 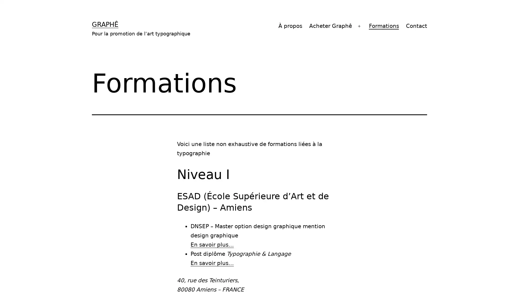 What do you see at coordinates (359, 26) in the screenshot?
I see `Ouvrir le menu` at bounding box center [359, 26].